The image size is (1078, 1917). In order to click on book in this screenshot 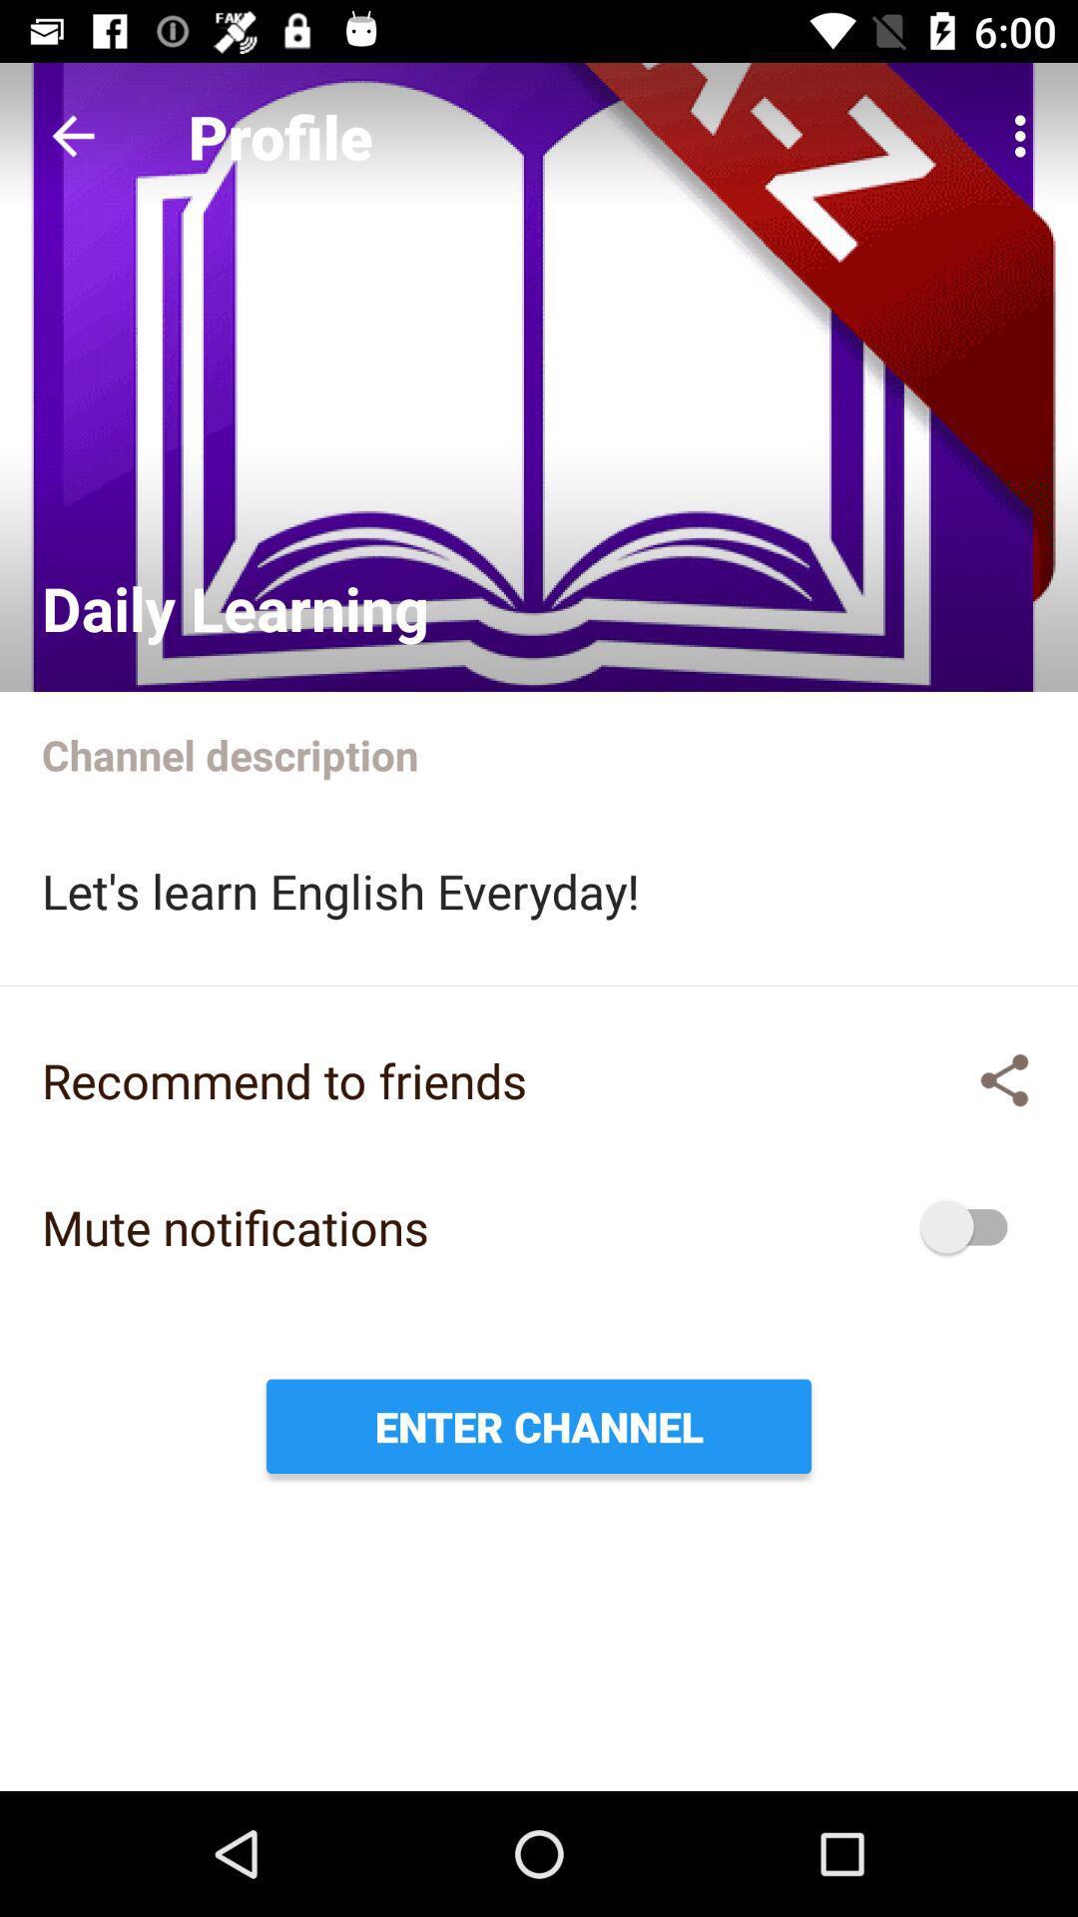, I will do `click(539, 377)`.